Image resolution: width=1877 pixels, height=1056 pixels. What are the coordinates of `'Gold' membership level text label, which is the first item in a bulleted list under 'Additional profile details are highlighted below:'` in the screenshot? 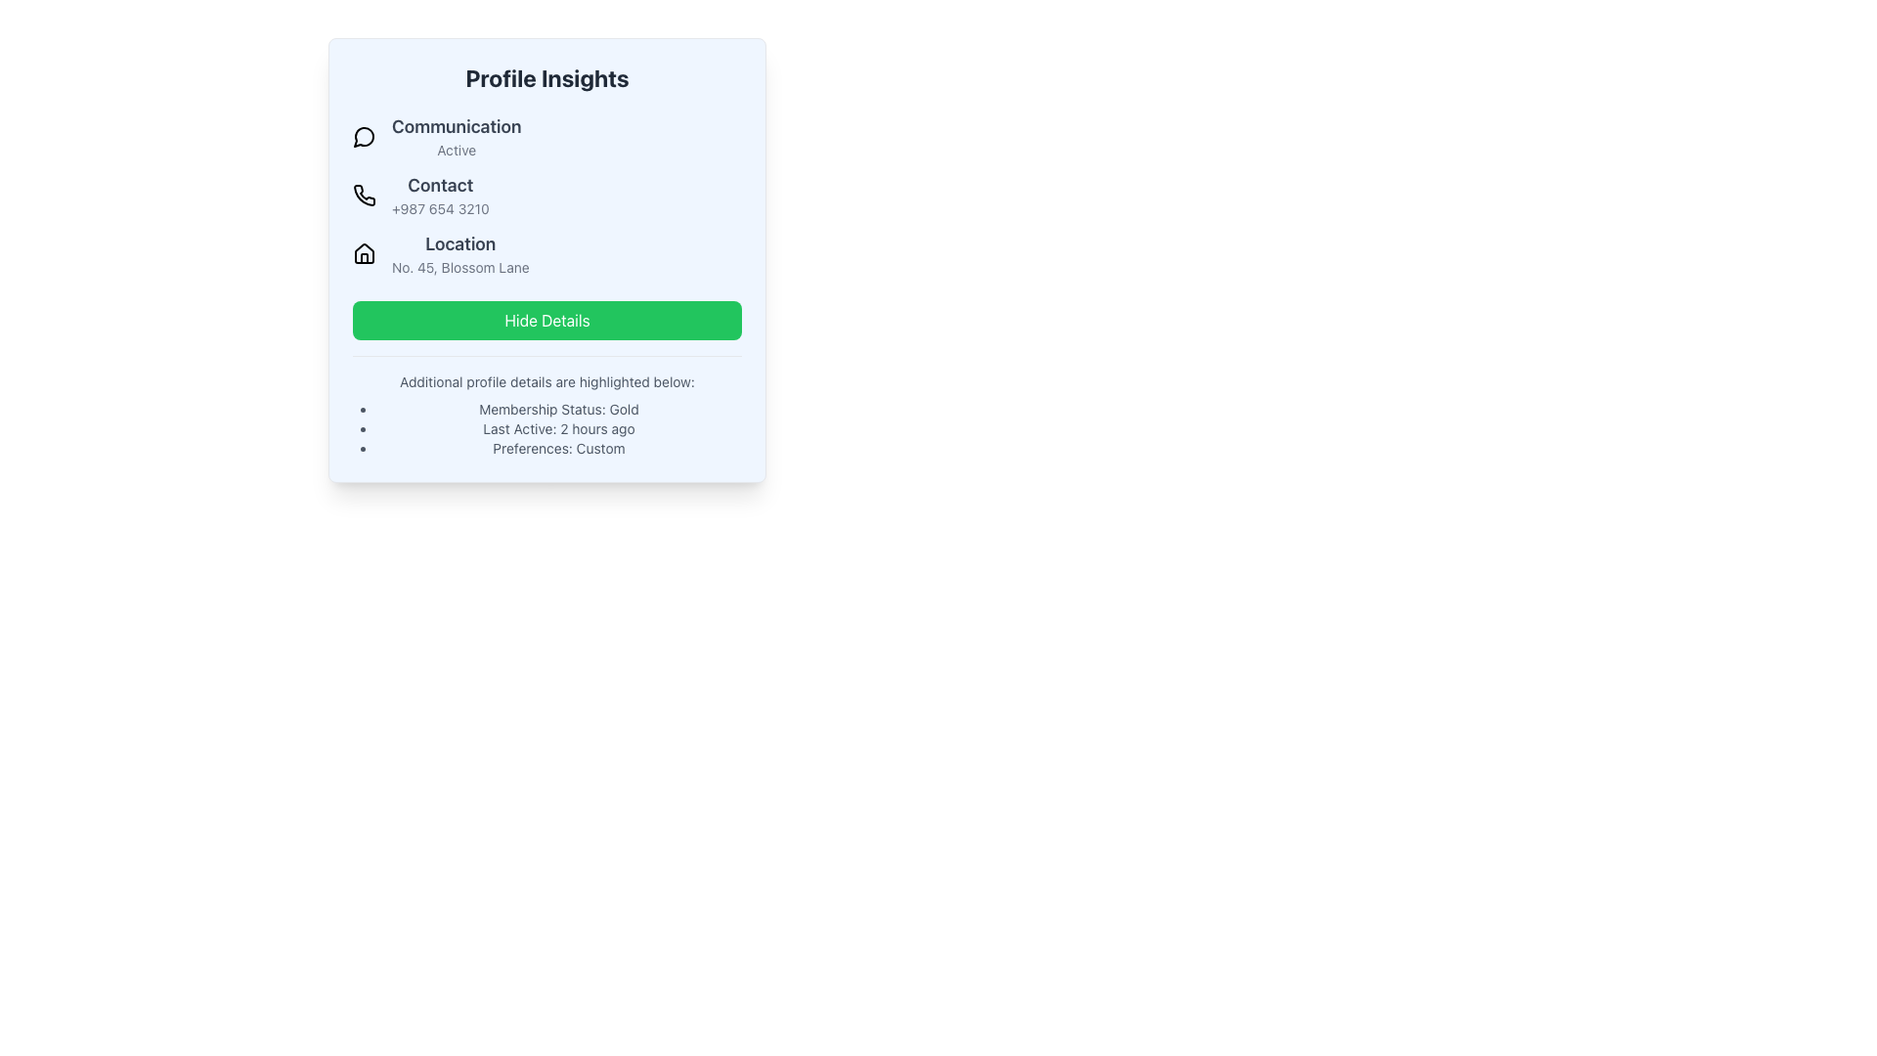 It's located at (557, 409).